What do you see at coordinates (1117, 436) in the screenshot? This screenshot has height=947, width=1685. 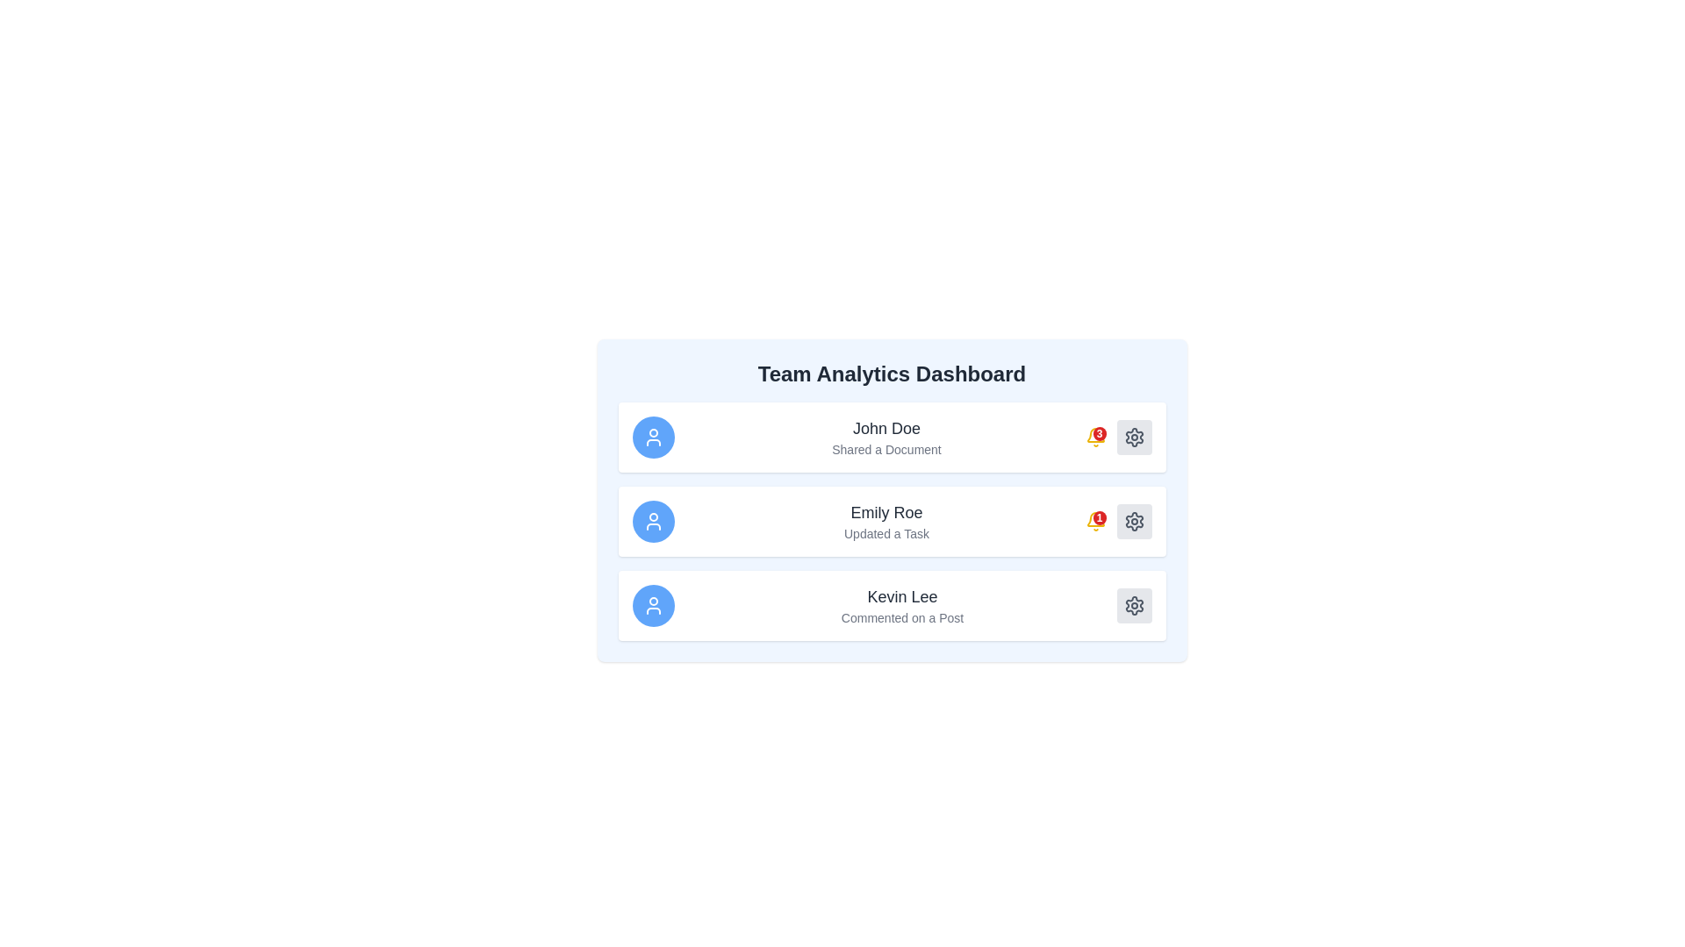 I see `the Notification Badge that displays the number of notifications related to user activity adjacent to the 'John Doe Shared a Document' entry in the Team Analytics Dashboard` at bounding box center [1117, 436].